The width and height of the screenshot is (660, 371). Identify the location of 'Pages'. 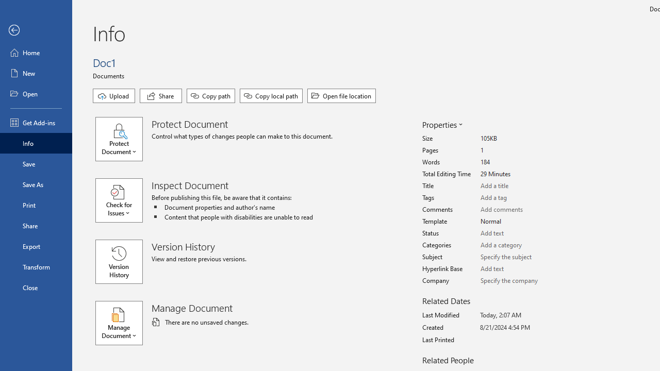
(519, 150).